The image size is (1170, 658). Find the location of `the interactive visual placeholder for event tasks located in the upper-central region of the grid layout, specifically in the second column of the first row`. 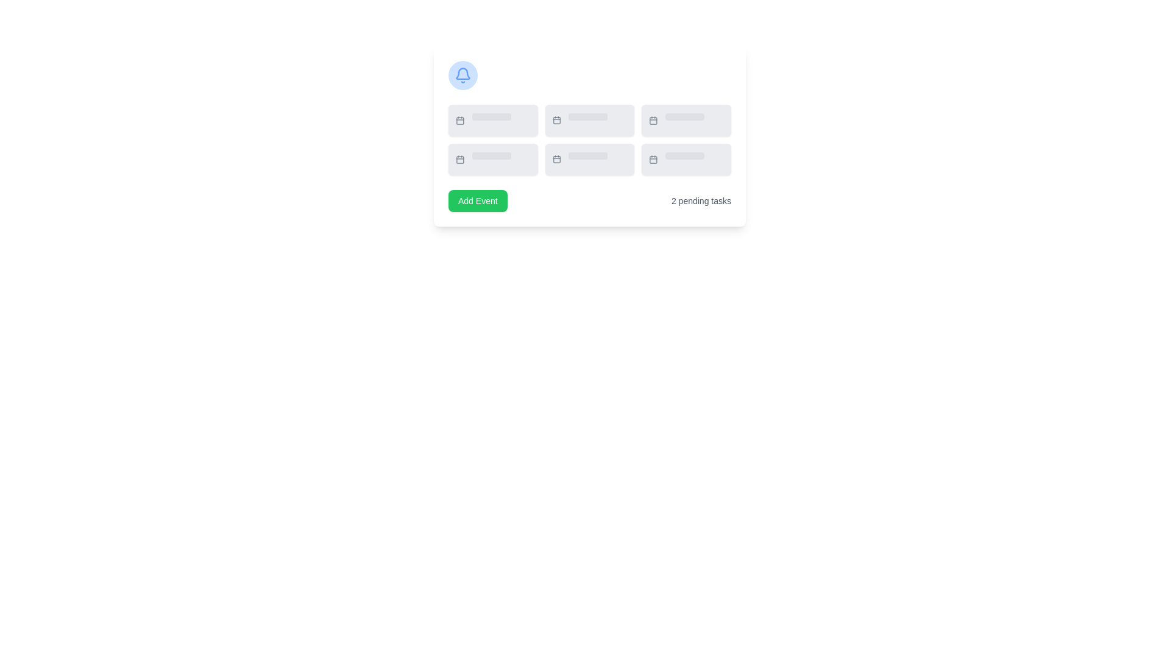

the interactive visual placeholder for event tasks located in the upper-central region of the grid layout, specifically in the second column of the first row is located at coordinates (590, 136).